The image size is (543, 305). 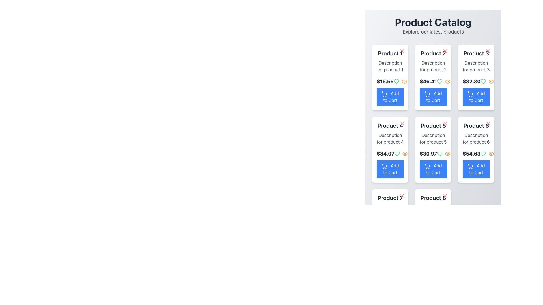 What do you see at coordinates (384, 93) in the screenshot?
I see `the appearance of the blue shopping cart icon within the 'Add to Cart' button located under 'Product 1' in the Product Catalog interface` at bounding box center [384, 93].